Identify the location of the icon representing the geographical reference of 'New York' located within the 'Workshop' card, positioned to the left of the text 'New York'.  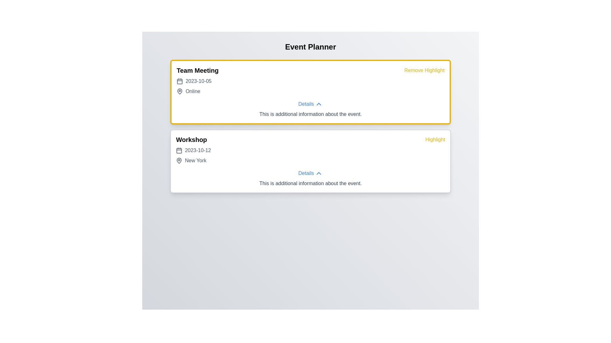
(179, 160).